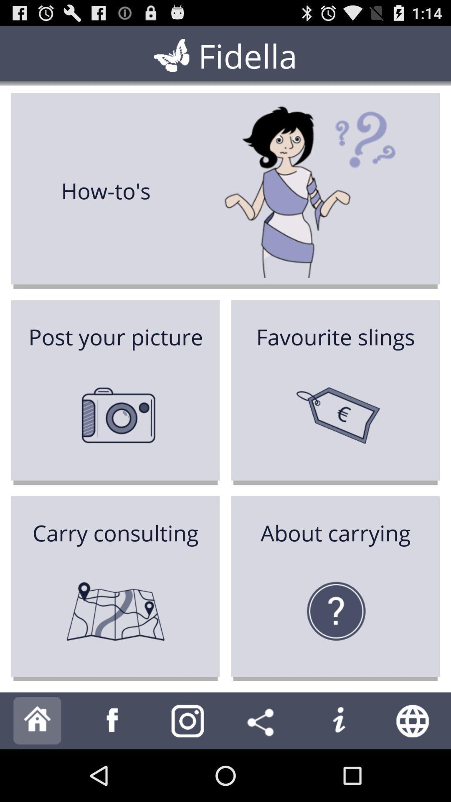  I want to click on instagram, so click(188, 720).